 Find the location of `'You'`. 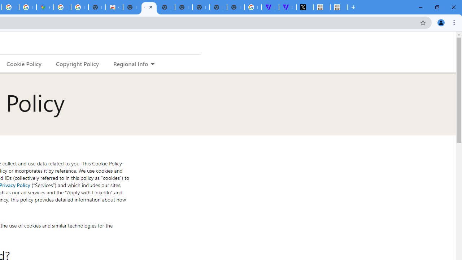

'You' is located at coordinates (440, 22).